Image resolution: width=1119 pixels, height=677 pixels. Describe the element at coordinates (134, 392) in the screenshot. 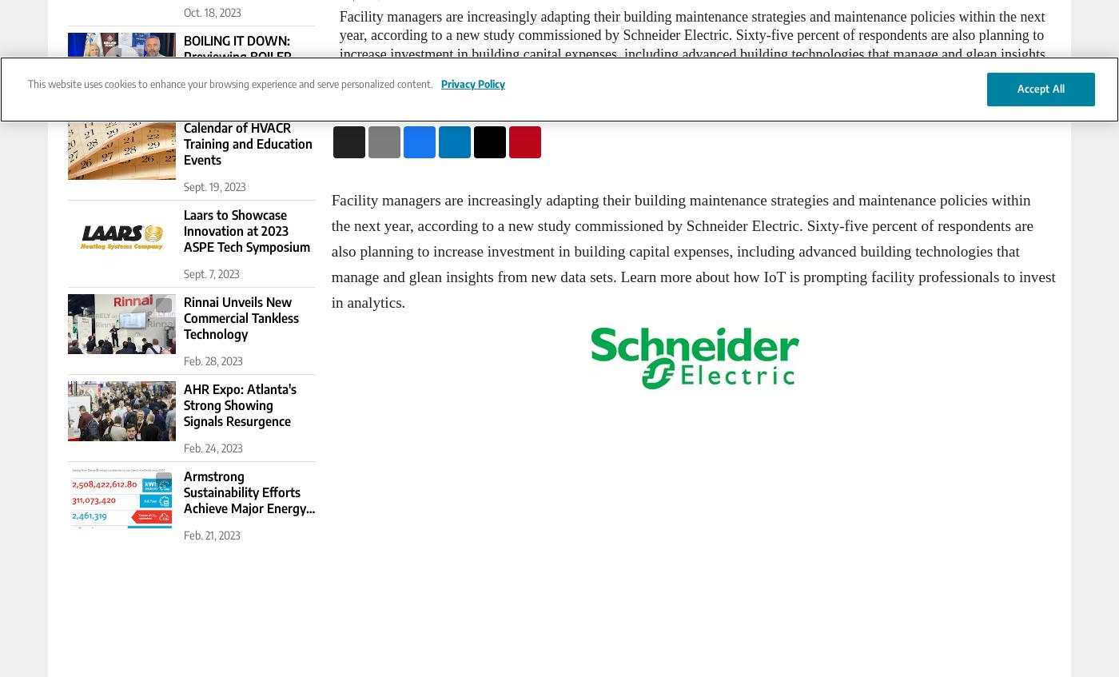

I see `'AHR Expo'` at that location.